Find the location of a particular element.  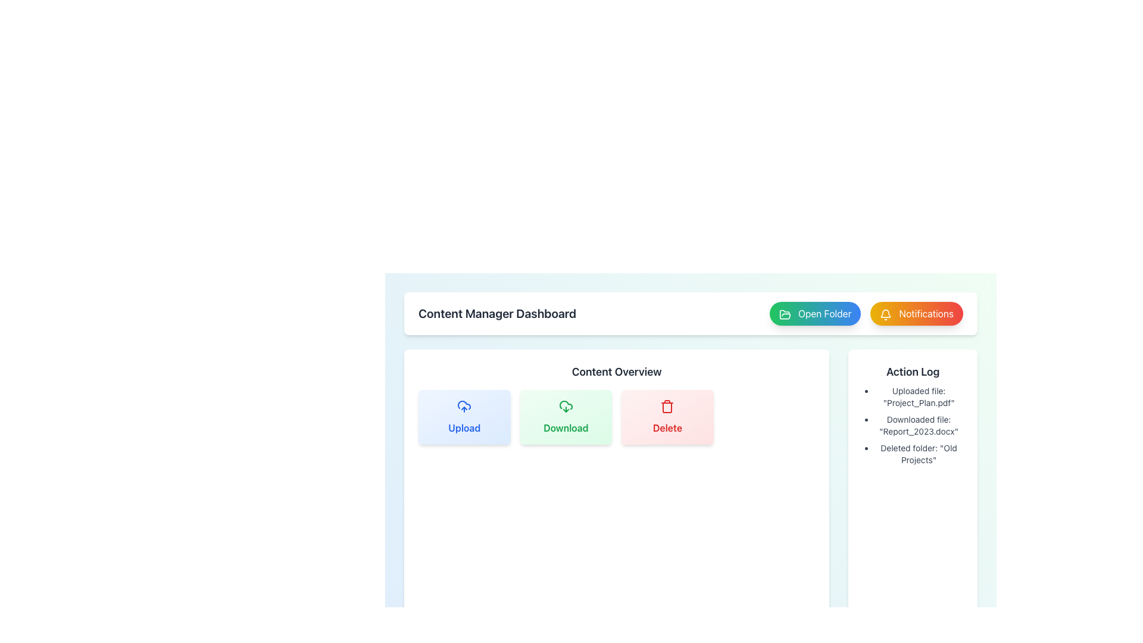

the delete icon located to the left of the 'Delete' text in the 'Content Overview' section is located at coordinates (667, 405).